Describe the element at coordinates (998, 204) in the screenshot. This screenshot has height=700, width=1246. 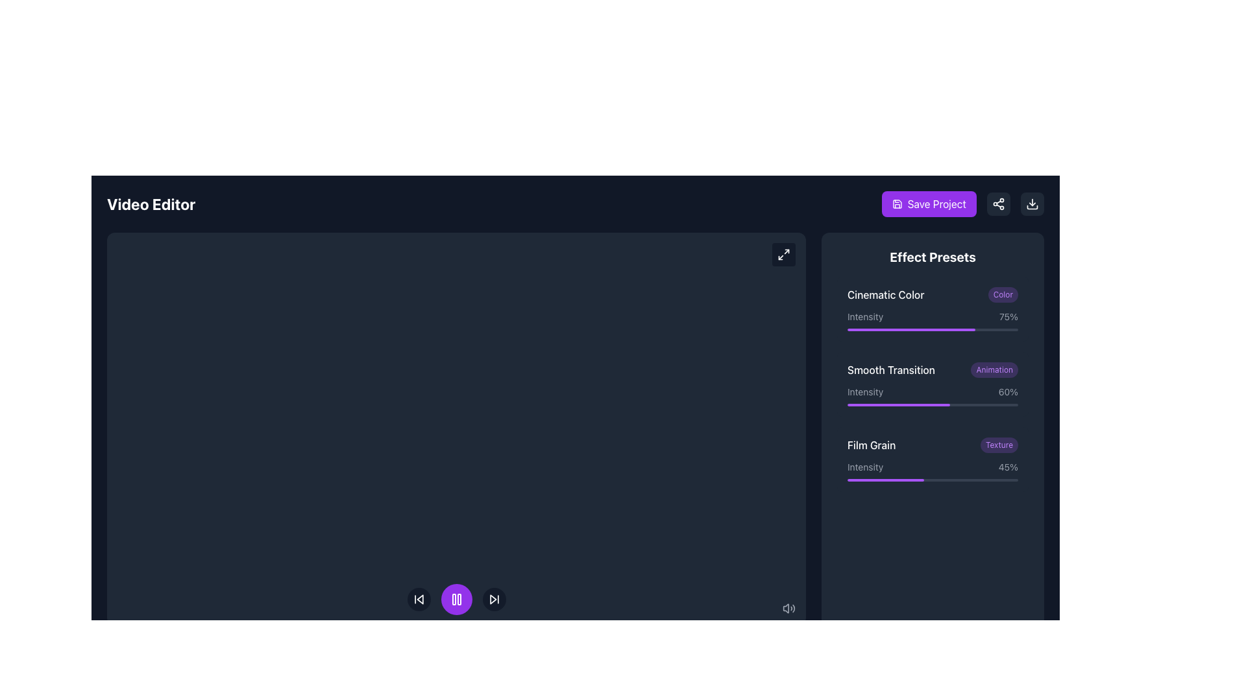
I see `the share button located in the top-right section of the interface, positioned between the 'Save Project' button and the download button` at that location.